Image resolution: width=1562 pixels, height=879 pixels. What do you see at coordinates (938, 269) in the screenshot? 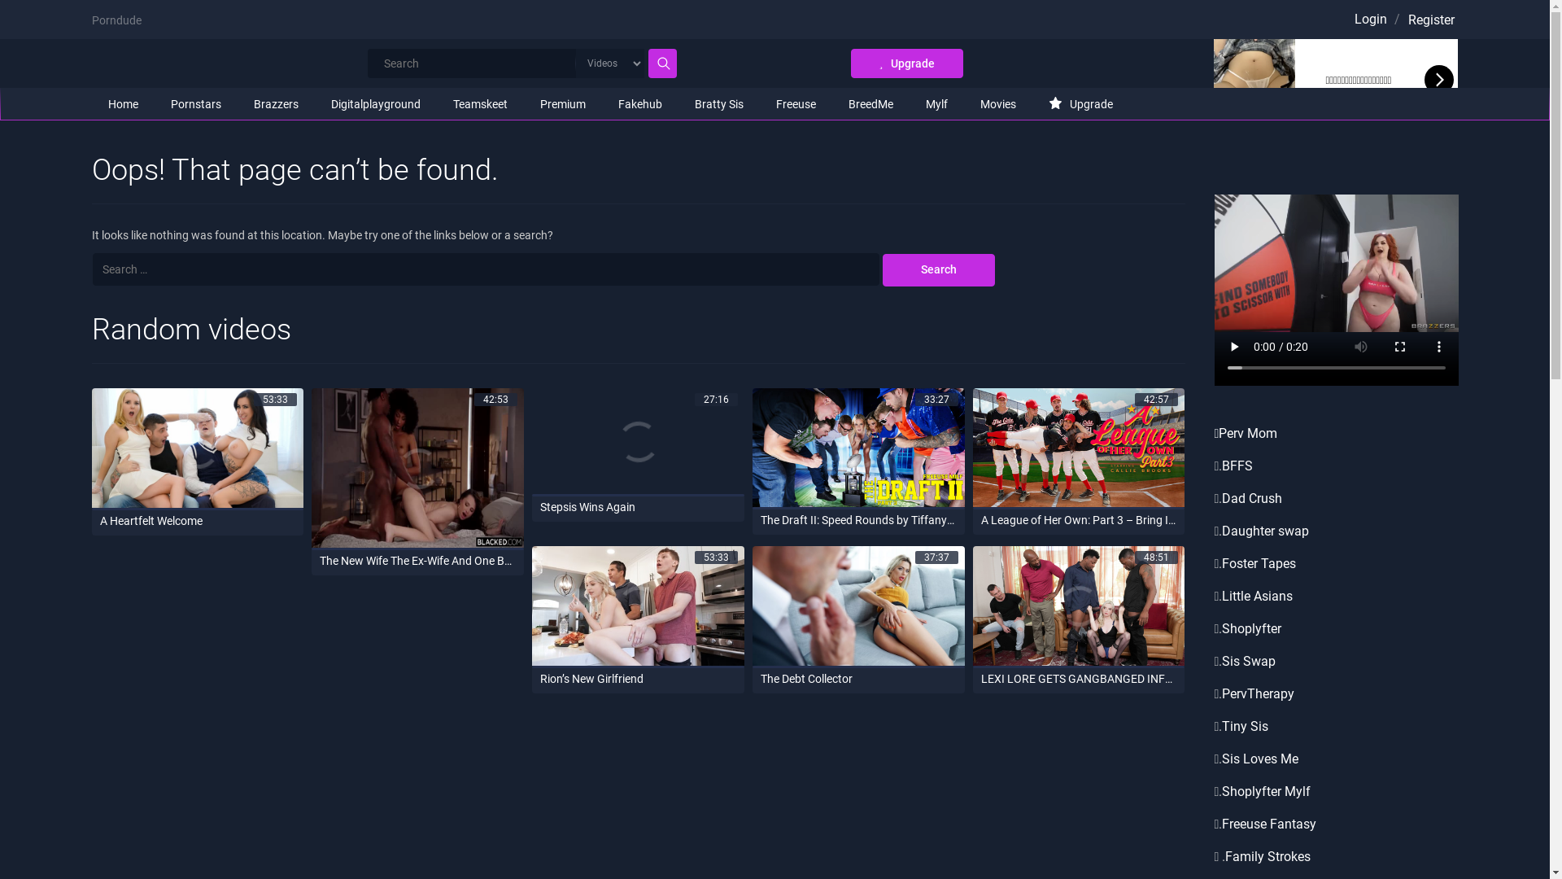
I see `'Search'` at bounding box center [938, 269].